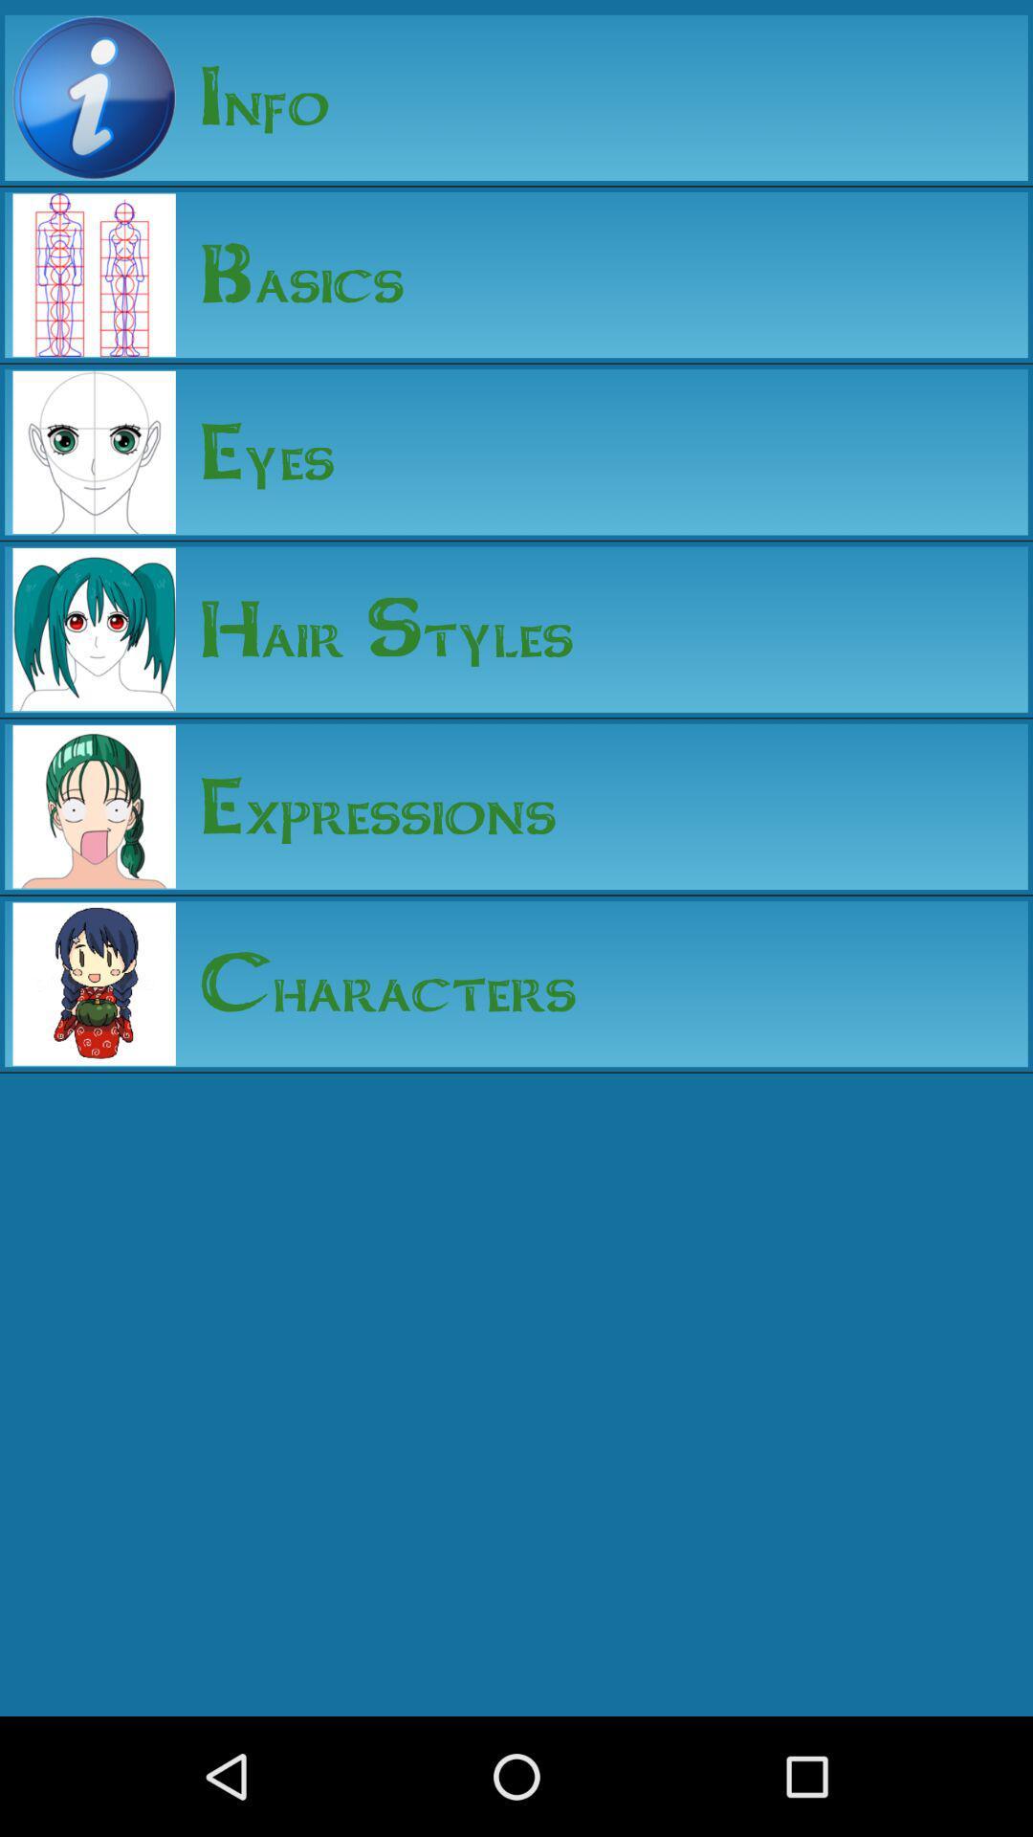 This screenshot has width=1033, height=1837. Describe the element at coordinates (253, 451) in the screenshot. I see `the eyes app` at that location.